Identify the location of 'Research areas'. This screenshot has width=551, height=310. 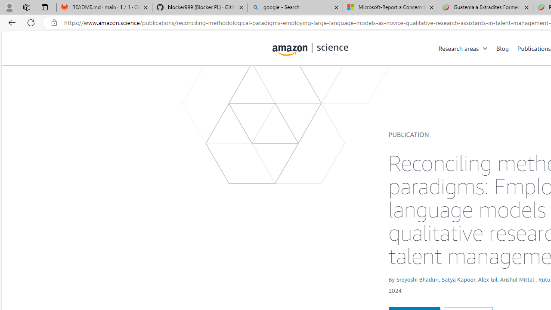
(458, 48).